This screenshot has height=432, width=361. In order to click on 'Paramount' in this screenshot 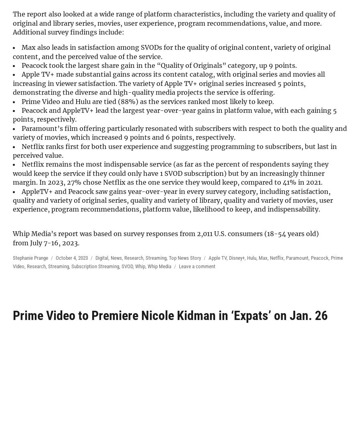, I will do `click(296, 257)`.